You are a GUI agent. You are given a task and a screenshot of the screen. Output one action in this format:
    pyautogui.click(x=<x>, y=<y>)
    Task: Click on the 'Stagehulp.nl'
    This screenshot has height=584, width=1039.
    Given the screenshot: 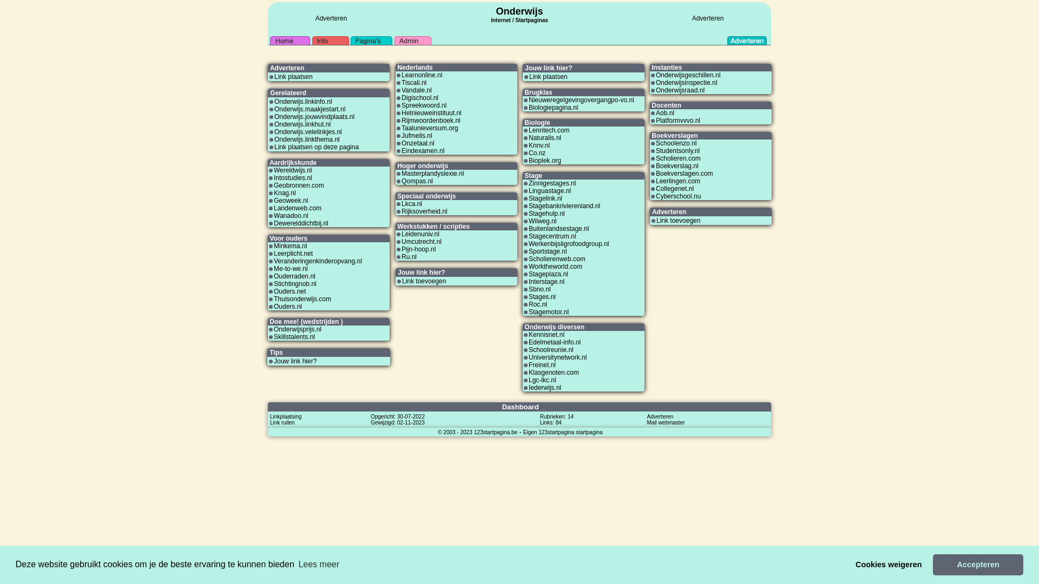 What is the action you would take?
    pyautogui.click(x=547, y=213)
    